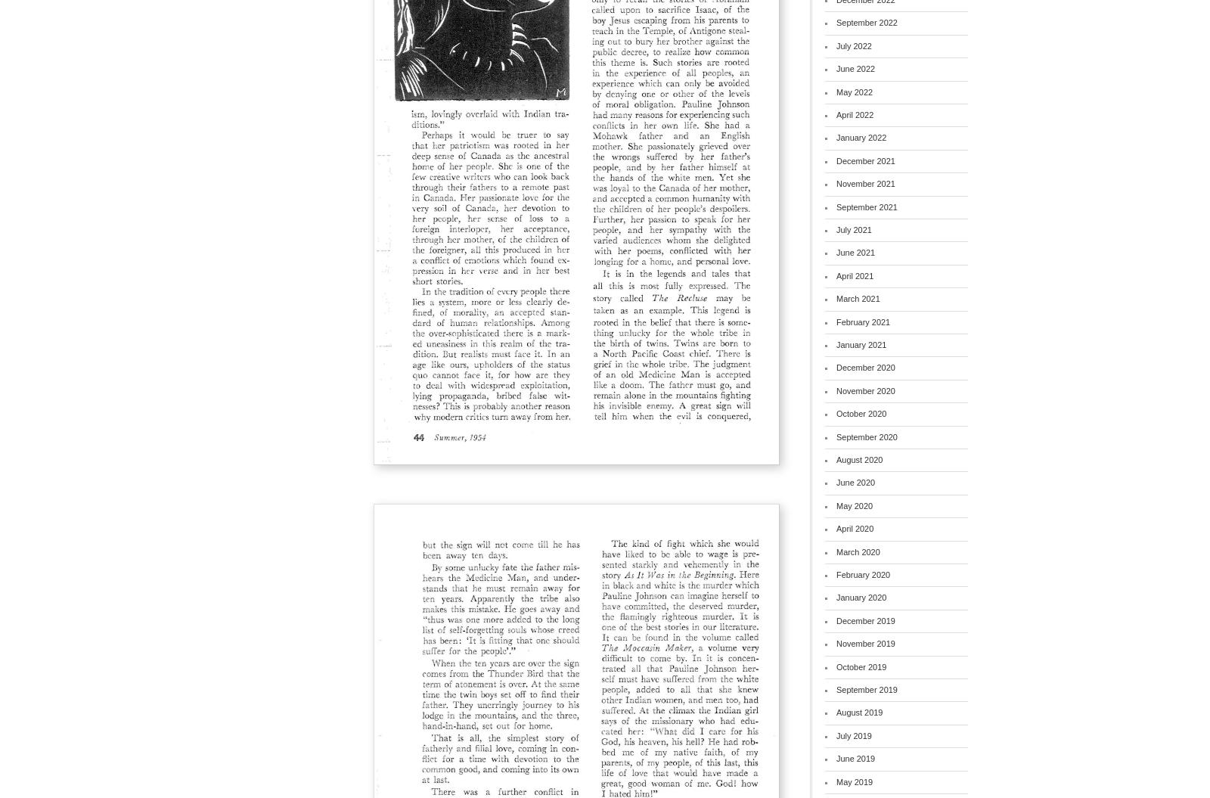 The image size is (1210, 798). I want to click on 'July 2019', so click(853, 734).